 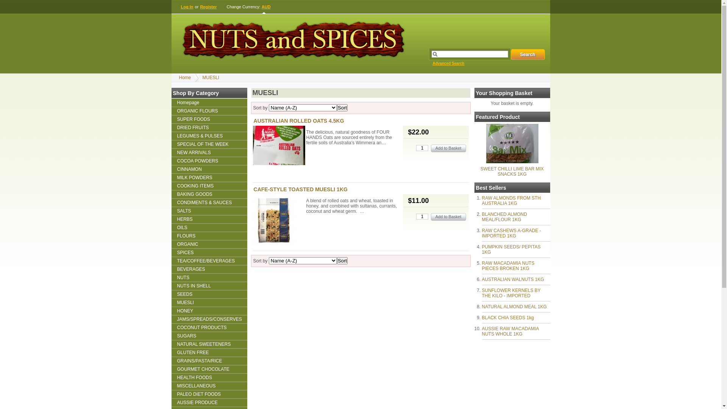 I want to click on 'CAFE-STYLE TOASTED MUESLI 1KG', so click(x=300, y=189).